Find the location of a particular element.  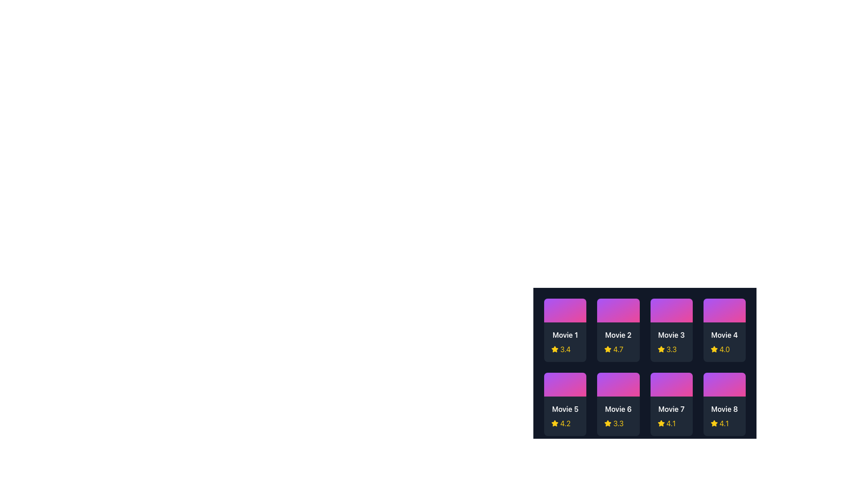

the static text label displaying the rating '4.7', which is yellow and styled with a medium-sized font, located next to the star icon for the second movie in the grid layout is located at coordinates (618, 349).